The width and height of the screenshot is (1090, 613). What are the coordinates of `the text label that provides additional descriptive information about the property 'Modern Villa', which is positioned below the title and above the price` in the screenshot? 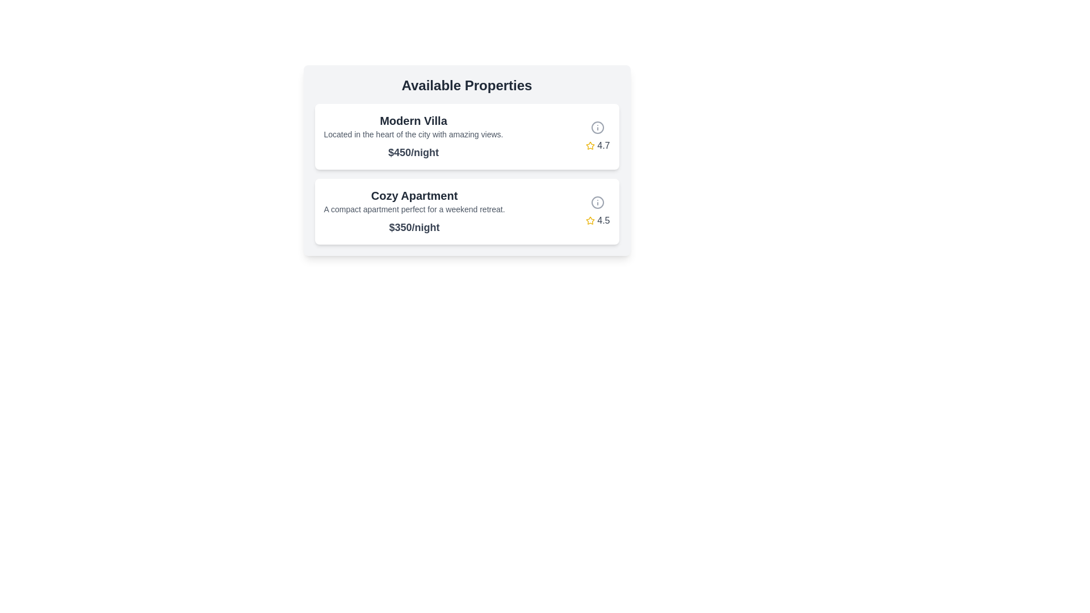 It's located at (413, 133).